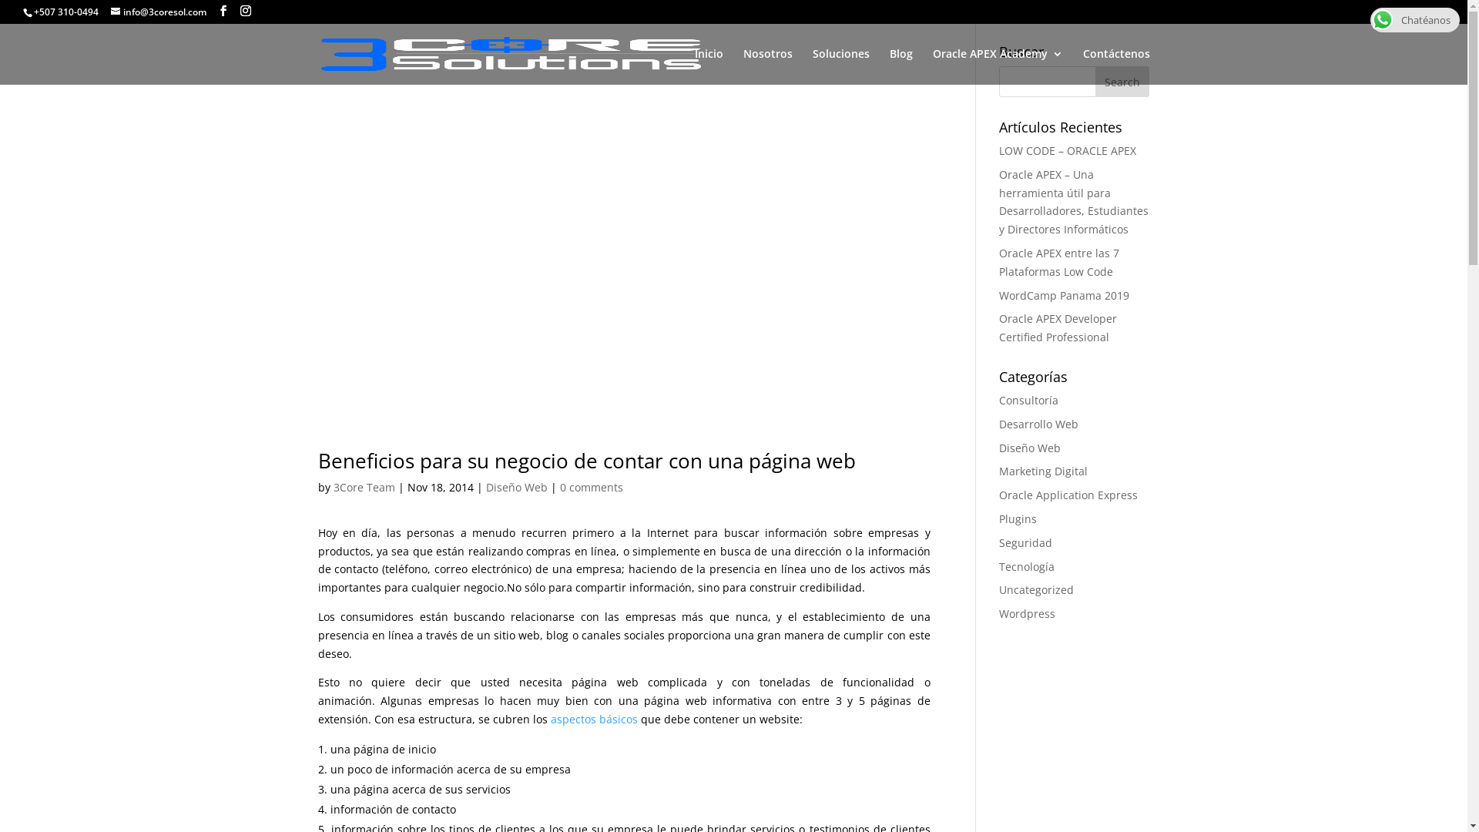 The image size is (1479, 832). What do you see at coordinates (1122, 81) in the screenshot?
I see `'Search'` at bounding box center [1122, 81].